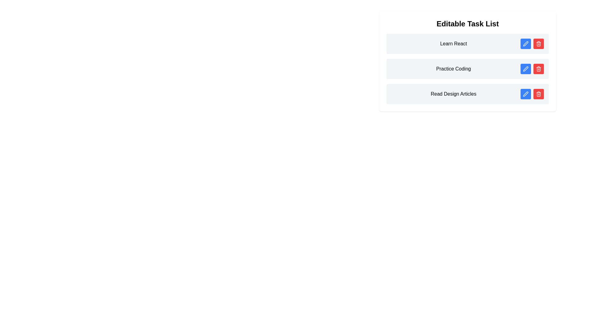 The image size is (590, 331). I want to click on the icon button next to the 'Learn React' task to observe the hover effects, so click(525, 43).